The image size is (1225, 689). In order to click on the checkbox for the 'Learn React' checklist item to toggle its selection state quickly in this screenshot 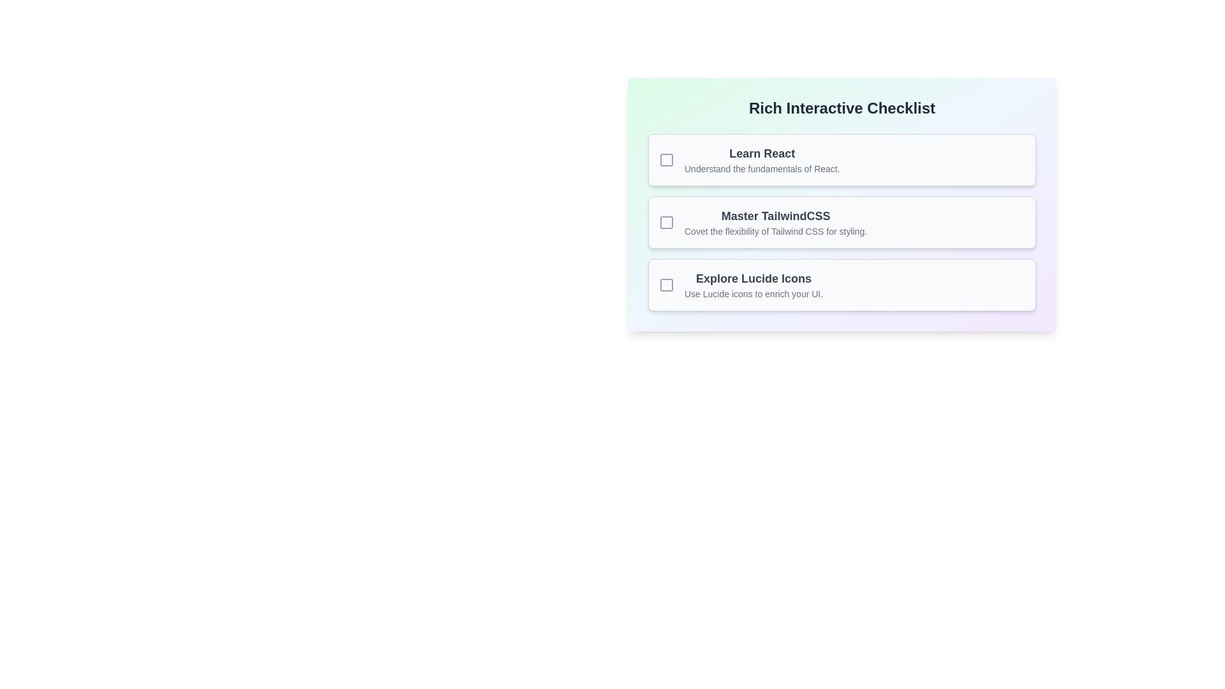, I will do `click(666, 159)`.